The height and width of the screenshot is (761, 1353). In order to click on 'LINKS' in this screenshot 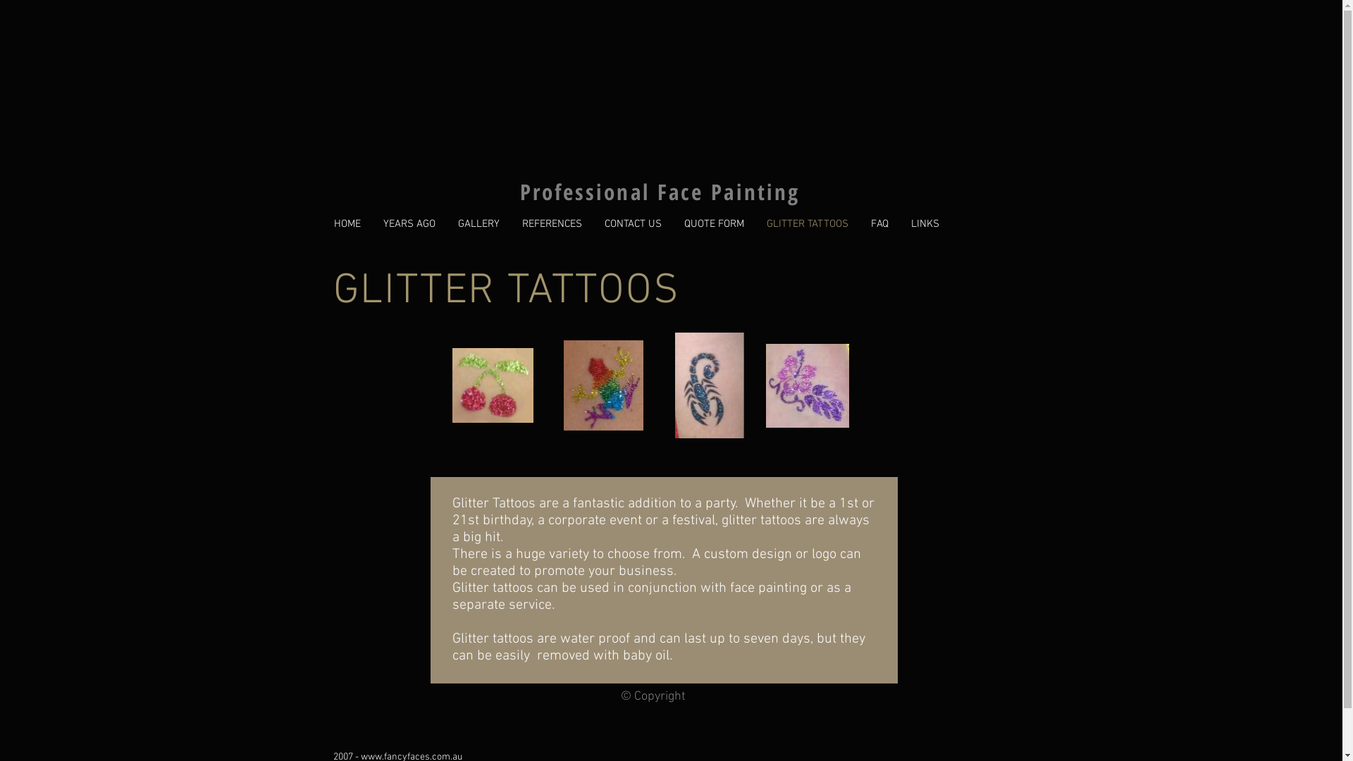, I will do `click(924, 223)`.